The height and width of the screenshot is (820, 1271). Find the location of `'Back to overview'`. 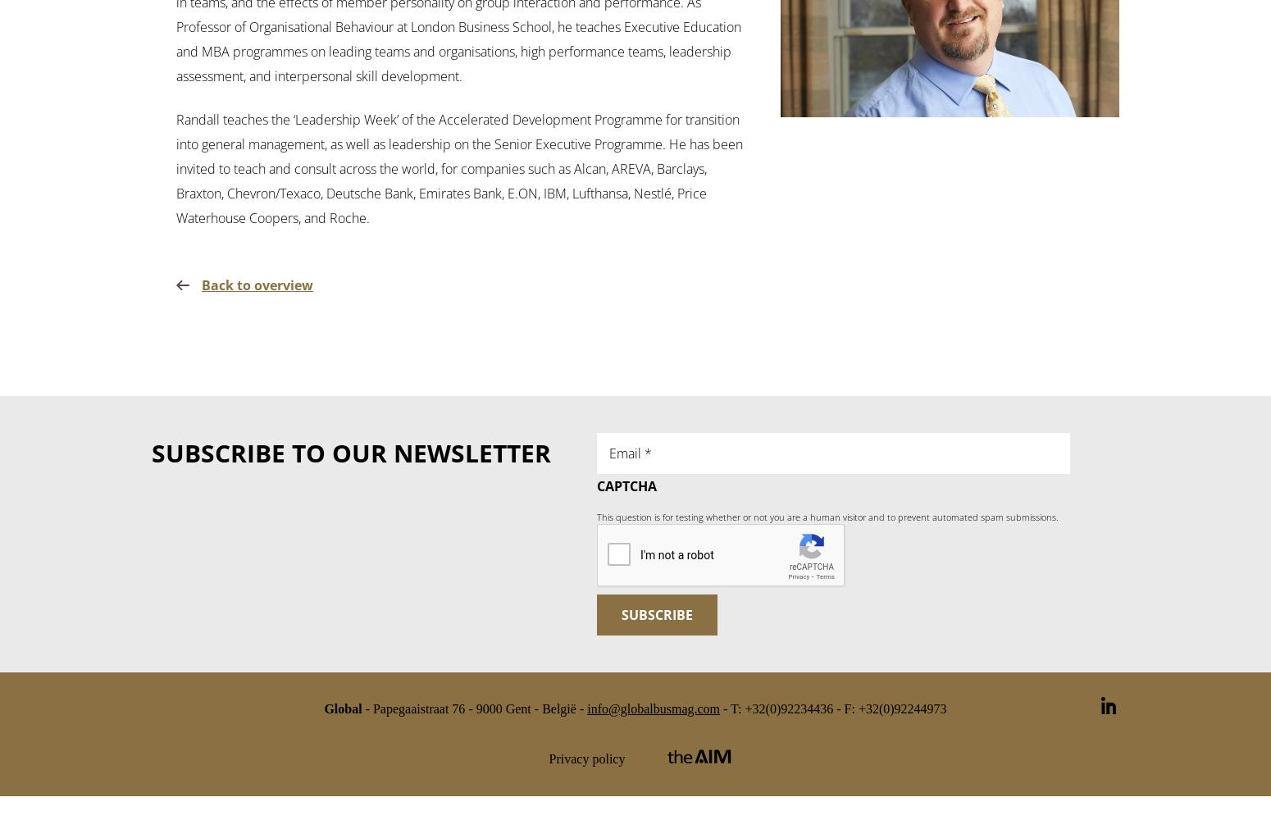

'Back to overview' is located at coordinates (257, 285).